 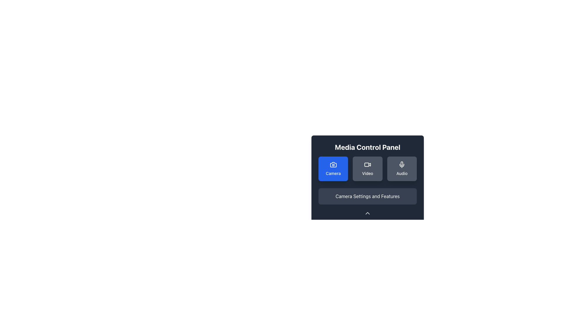 What do you see at coordinates (367, 173) in the screenshot?
I see `the 'Video' label text component located within the 'Media Control Panel' options to trigger the tooltip or focus change` at bounding box center [367, 173].